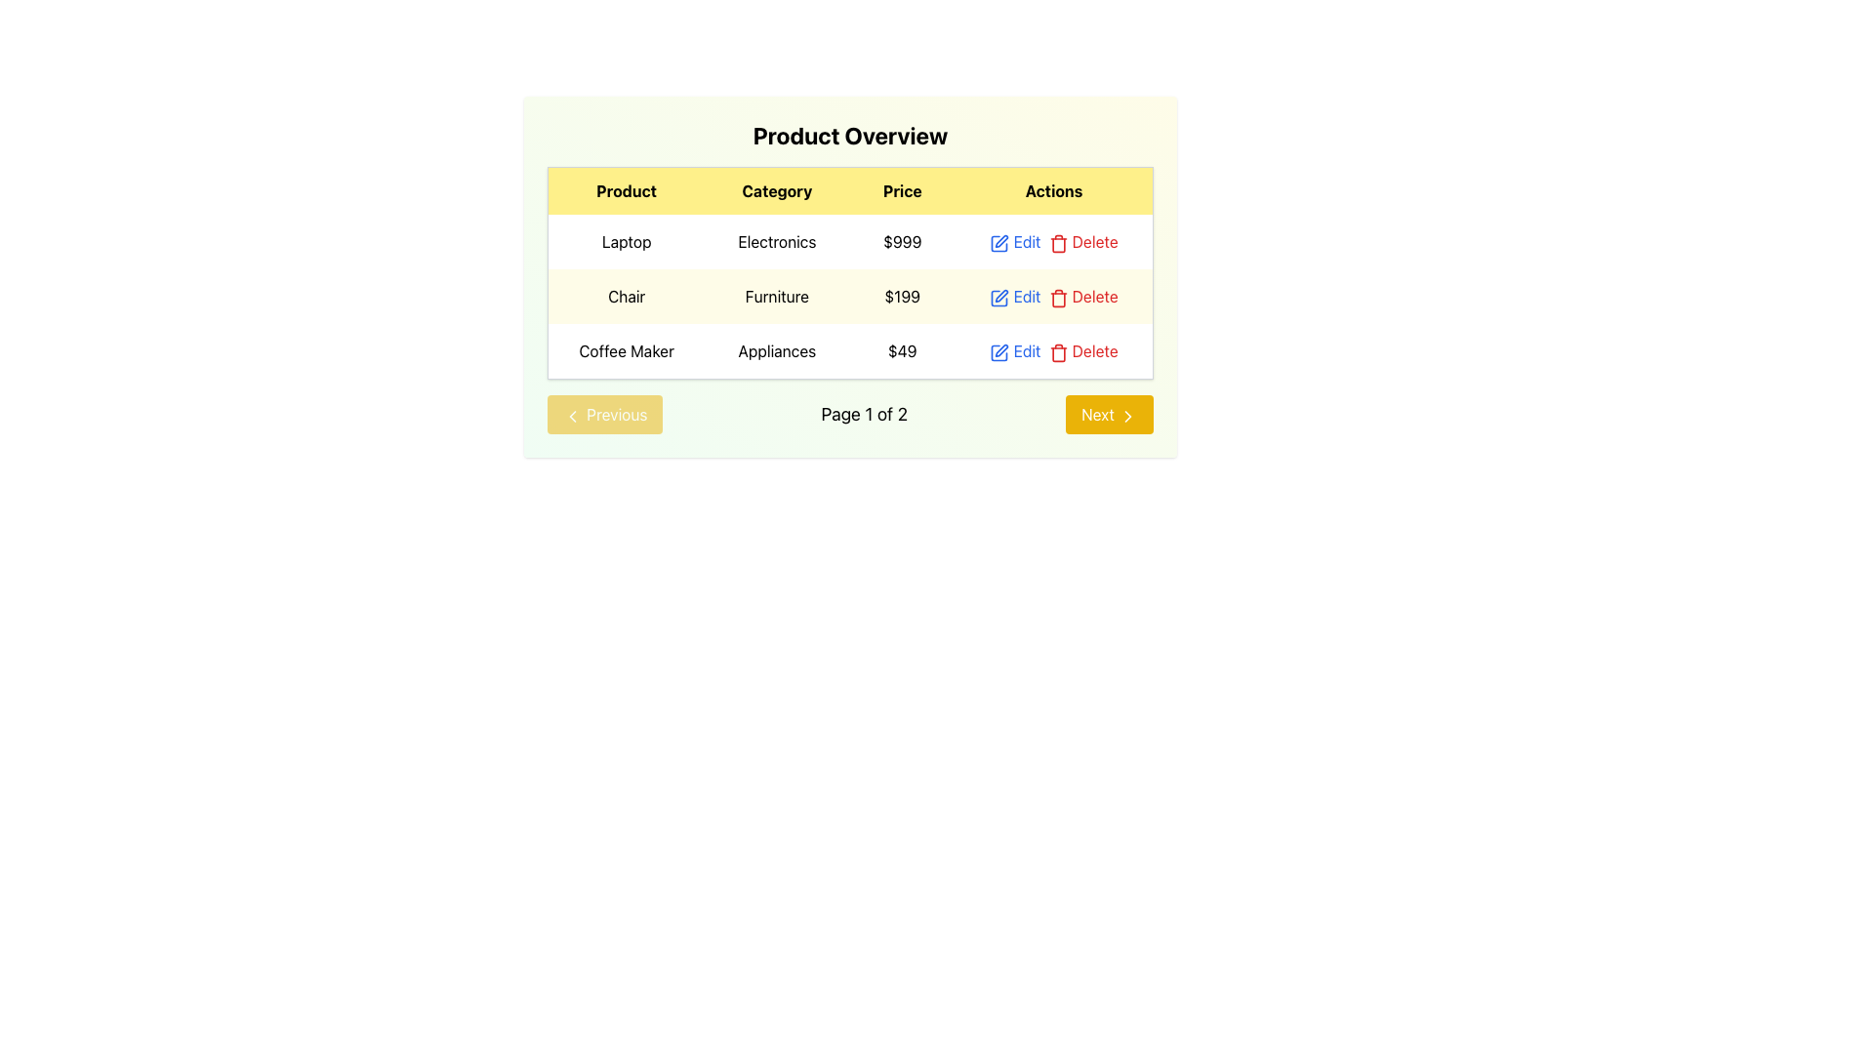 Image resolution: width=1874 pixels, height=1054 pixels. I want to click on the second red trash bin icon in the 'Actions' column of the table for the 'Chair' product, so click(1057, 298).